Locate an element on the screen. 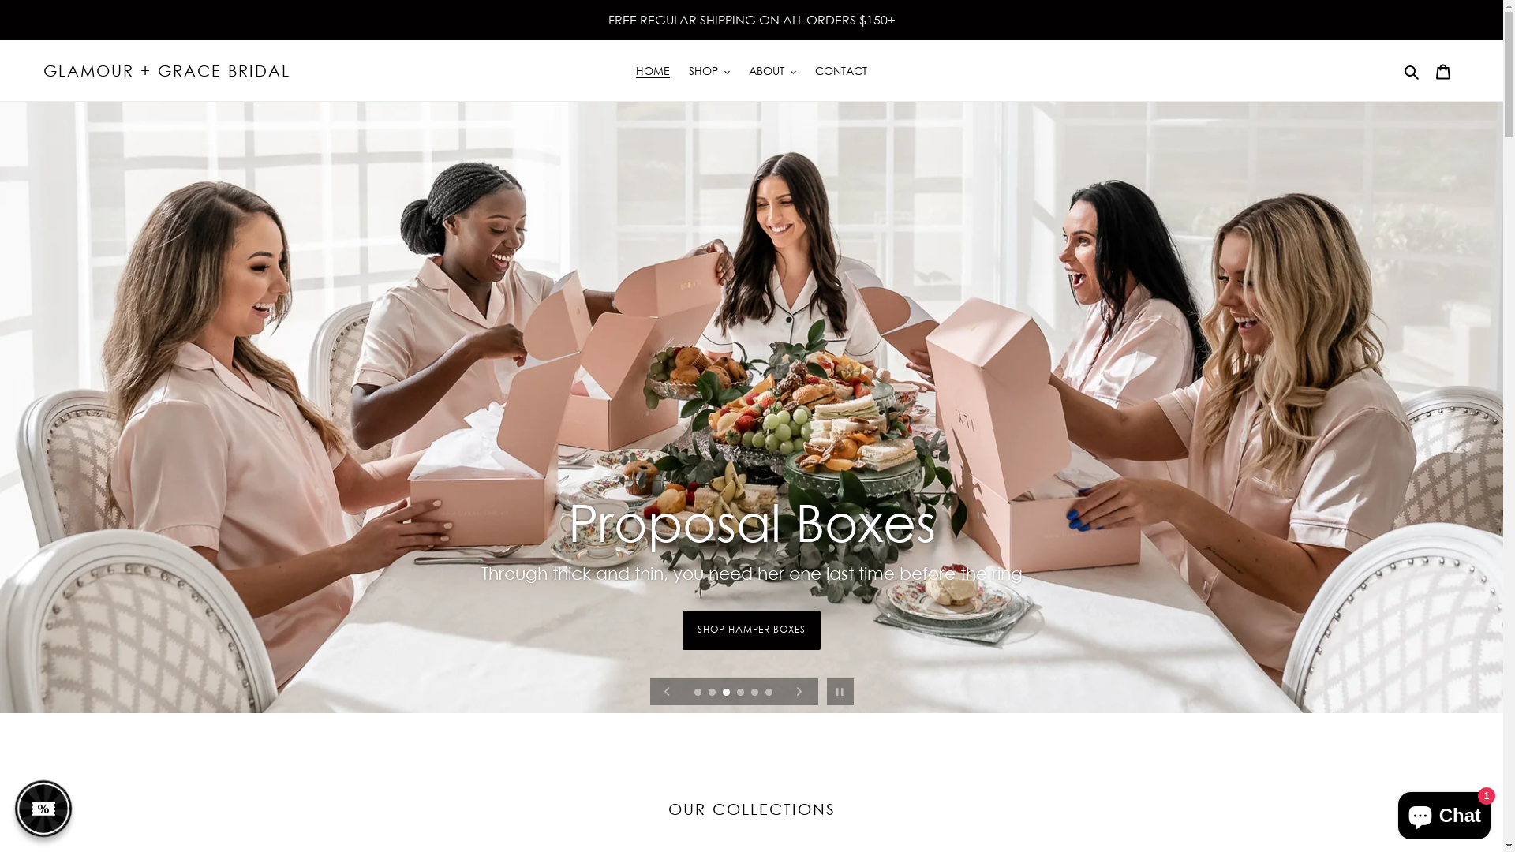 The width and height of the screenshot is (1515, 852). 'CONTACT' is located at coordinates (840, 69).